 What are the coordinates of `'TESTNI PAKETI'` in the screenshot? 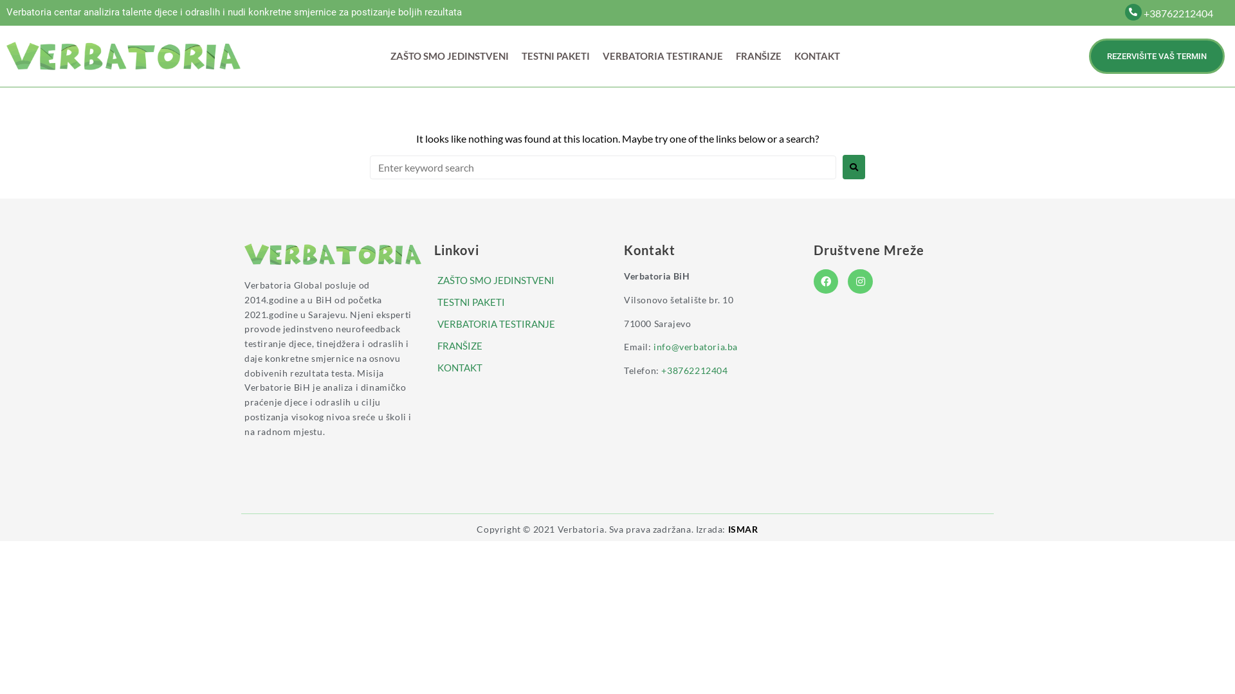 It's located at (519, 302).